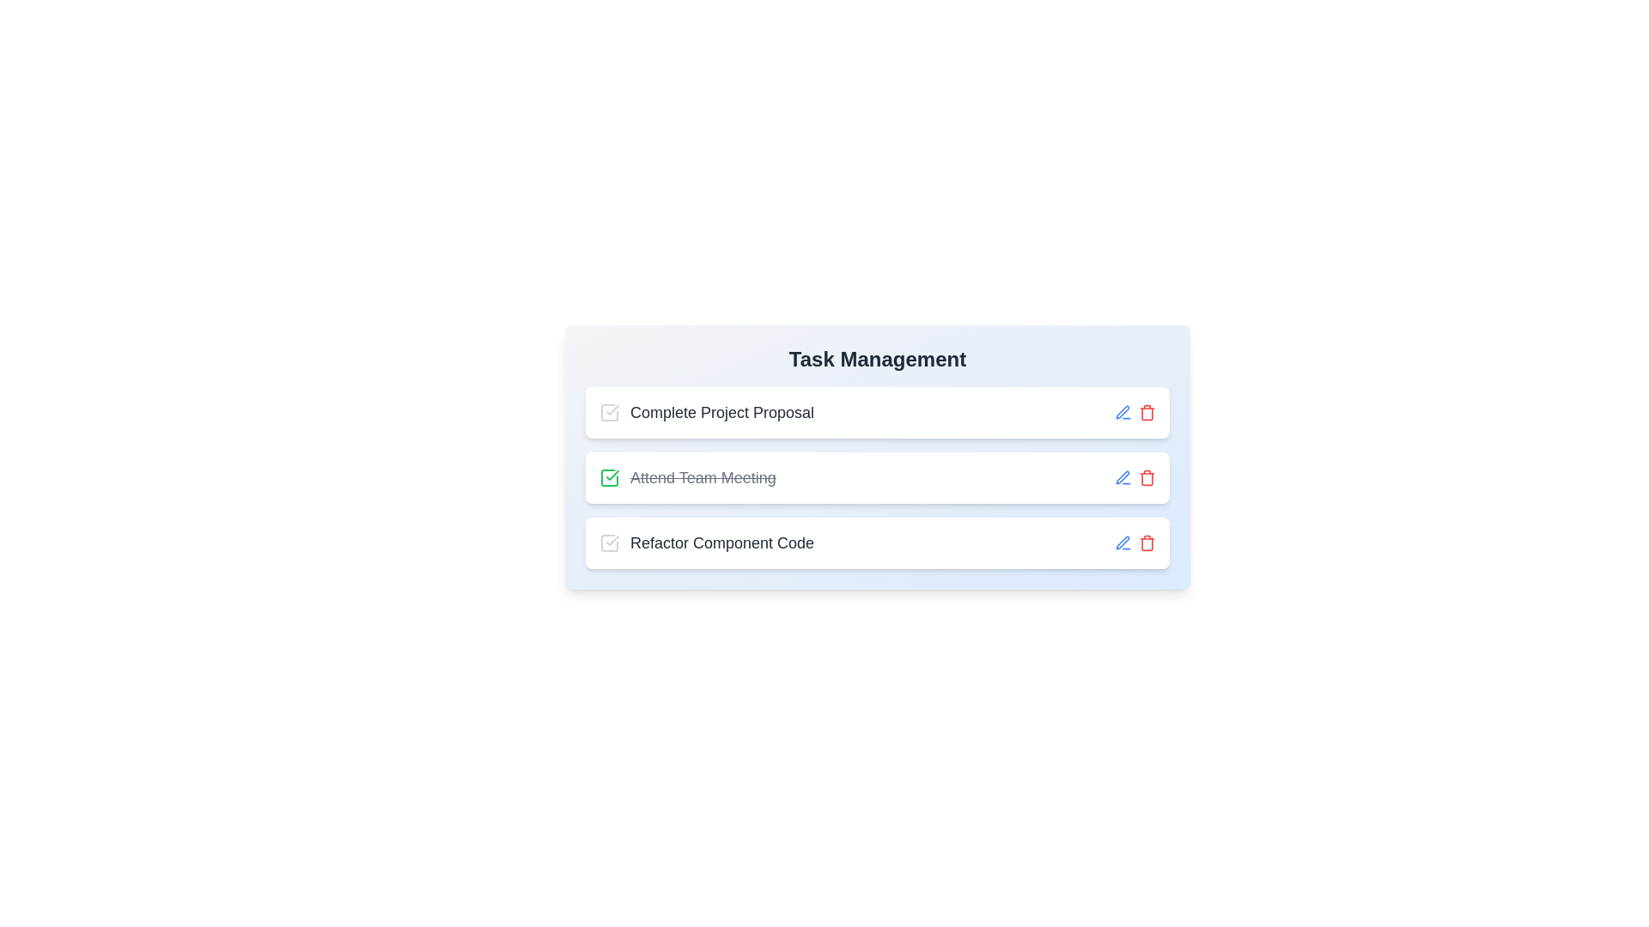 This screenshot has height=927, width=1649. I want to click on the checkmark icon indicating that the task 'Refactor Component Code' has been marked as completed, located at the third task item in the vertical list, so click(612, 539).